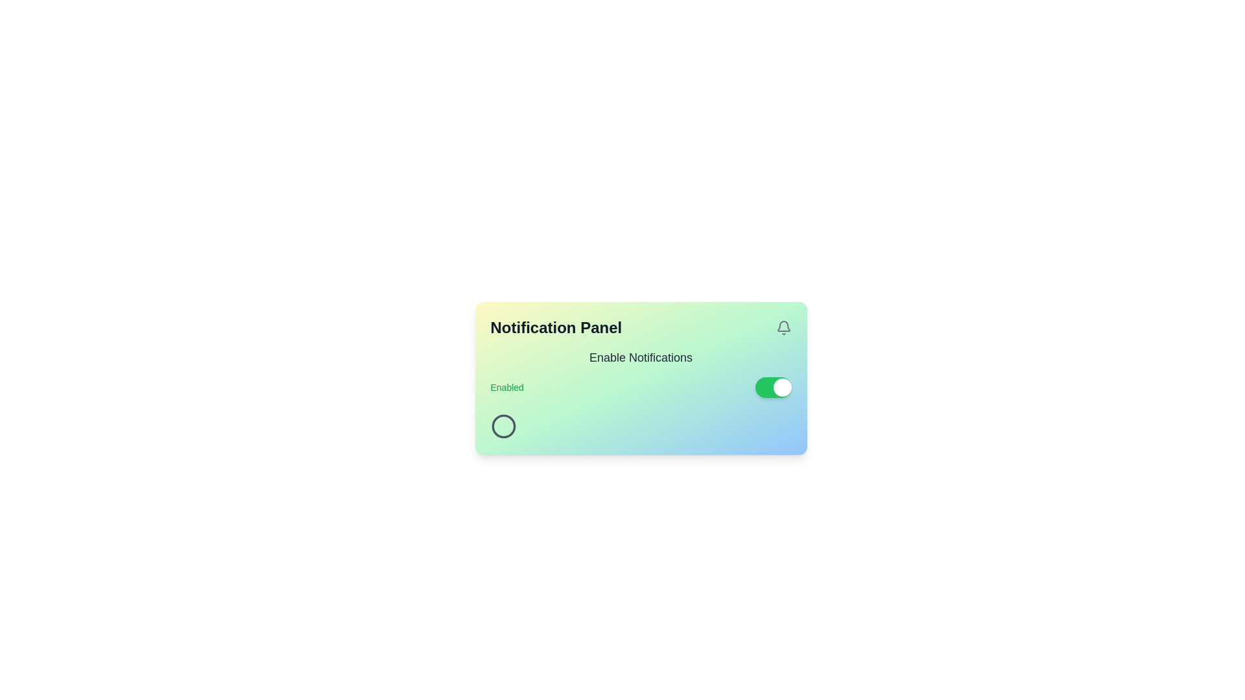 This screenshot has width=1245, height=700. What do you see at coordinates (503, 426) in the screenshot?
I see `the SVG circle icon with a dark border located in the bottom-left corner of the notification panel interface, near the descriptive text labeled 'Enabled'` at bounding box center [503, 426].